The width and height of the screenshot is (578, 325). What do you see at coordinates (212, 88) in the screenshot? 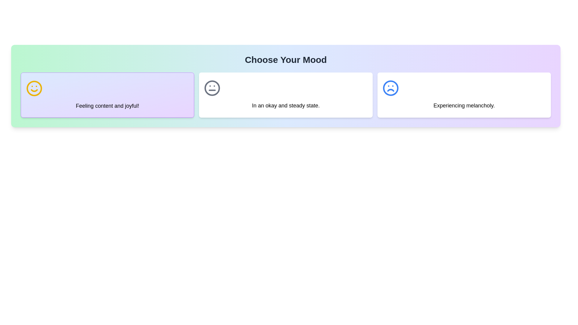
I see `the visual state of the gray circular outline surrounding the neutral face icon, which is centrally located within the second mood selection box, adjacent to the text 'In an okay and steady state.'` at bounding box center [212, 88].